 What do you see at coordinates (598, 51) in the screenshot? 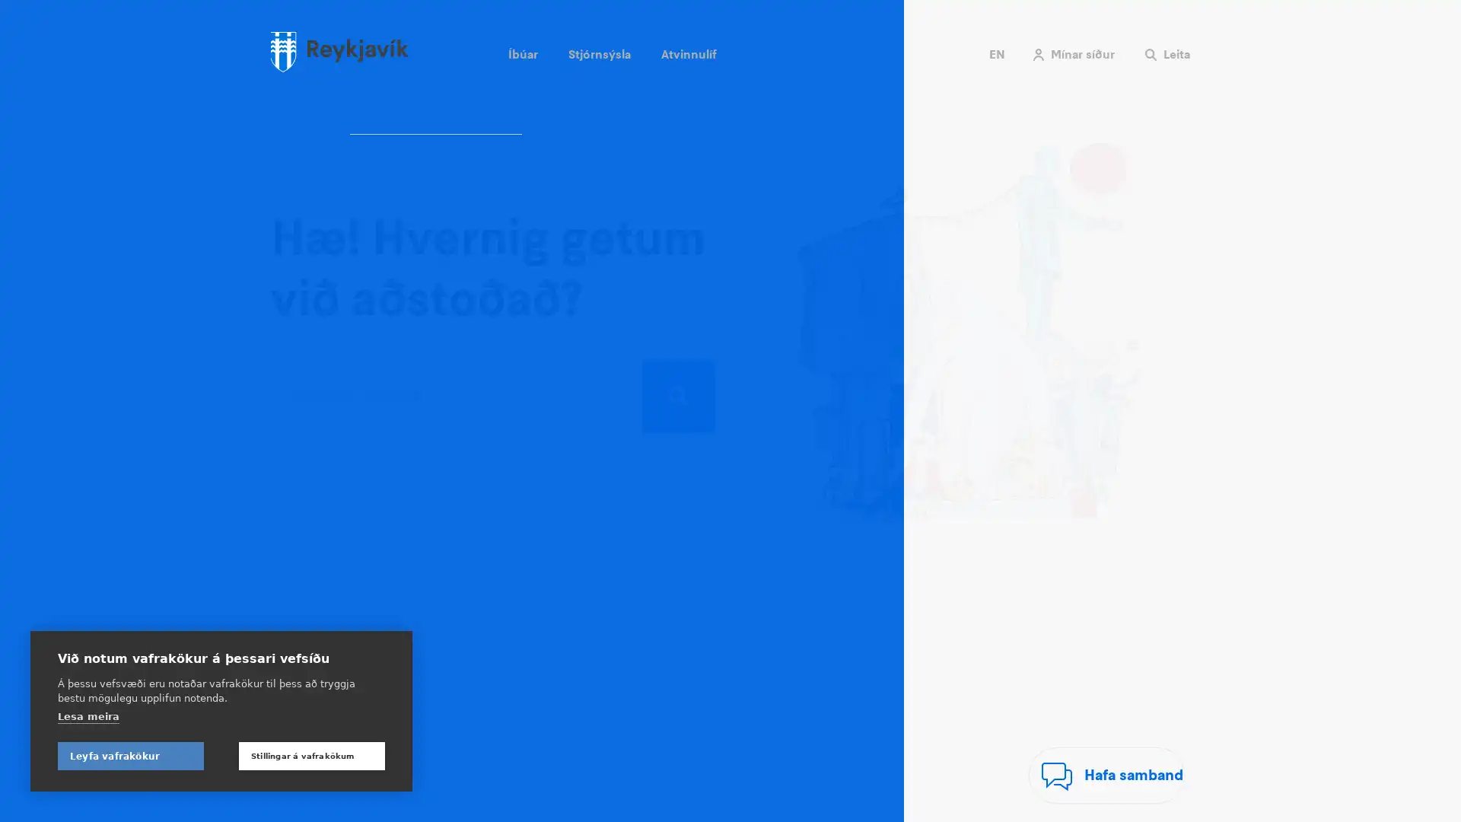
I see `Stjornsysla` at bounding box center [598, 51].